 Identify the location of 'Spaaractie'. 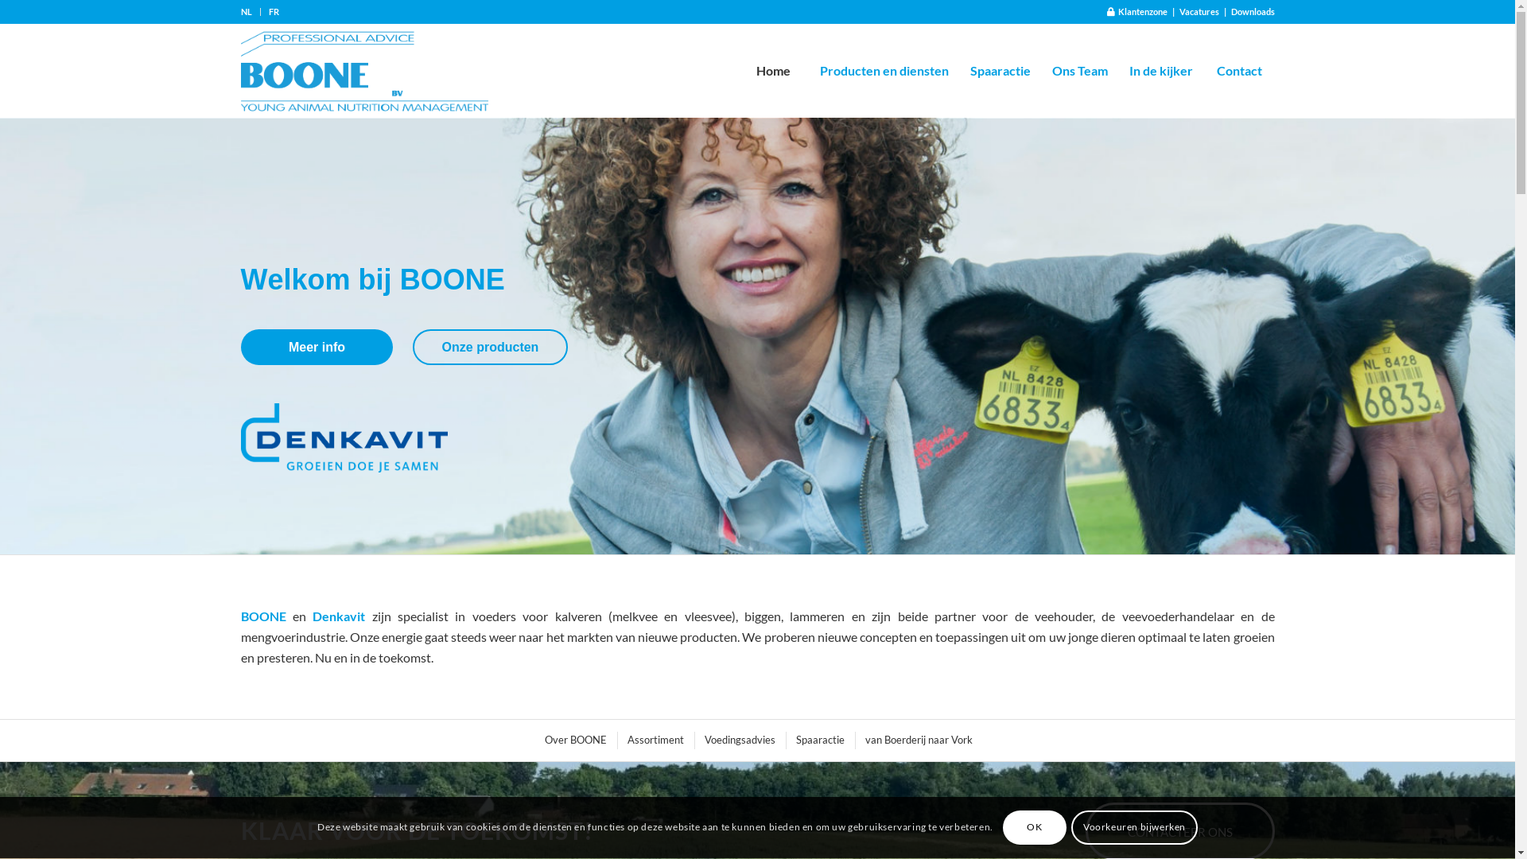
(999, 69).